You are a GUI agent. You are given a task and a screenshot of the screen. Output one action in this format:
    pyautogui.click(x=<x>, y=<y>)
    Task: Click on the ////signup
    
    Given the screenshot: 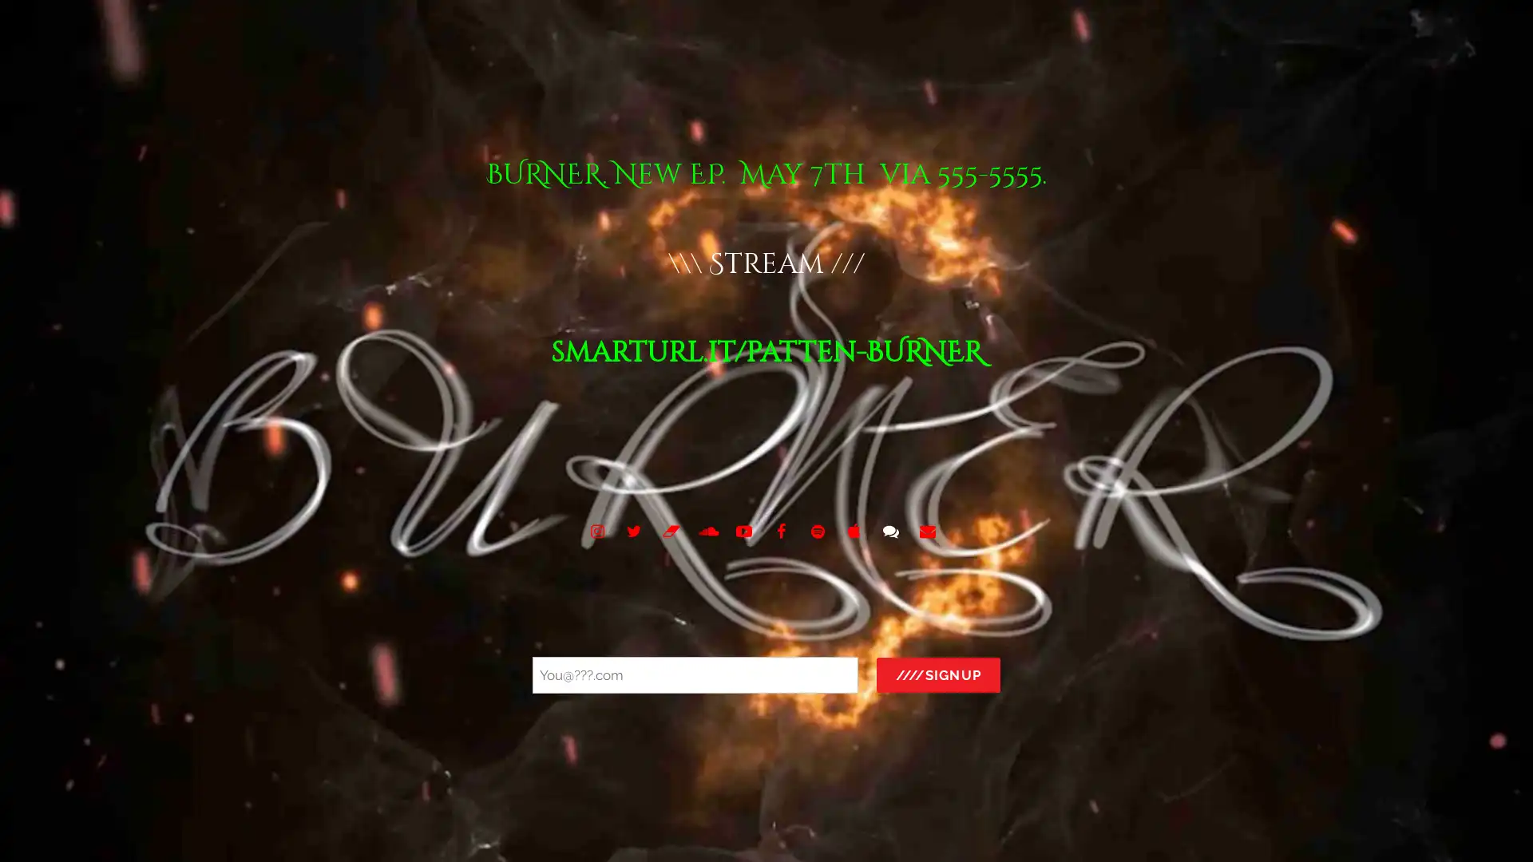 What is the action you would take?
    pyautogui.click(x=938, y=674)
    